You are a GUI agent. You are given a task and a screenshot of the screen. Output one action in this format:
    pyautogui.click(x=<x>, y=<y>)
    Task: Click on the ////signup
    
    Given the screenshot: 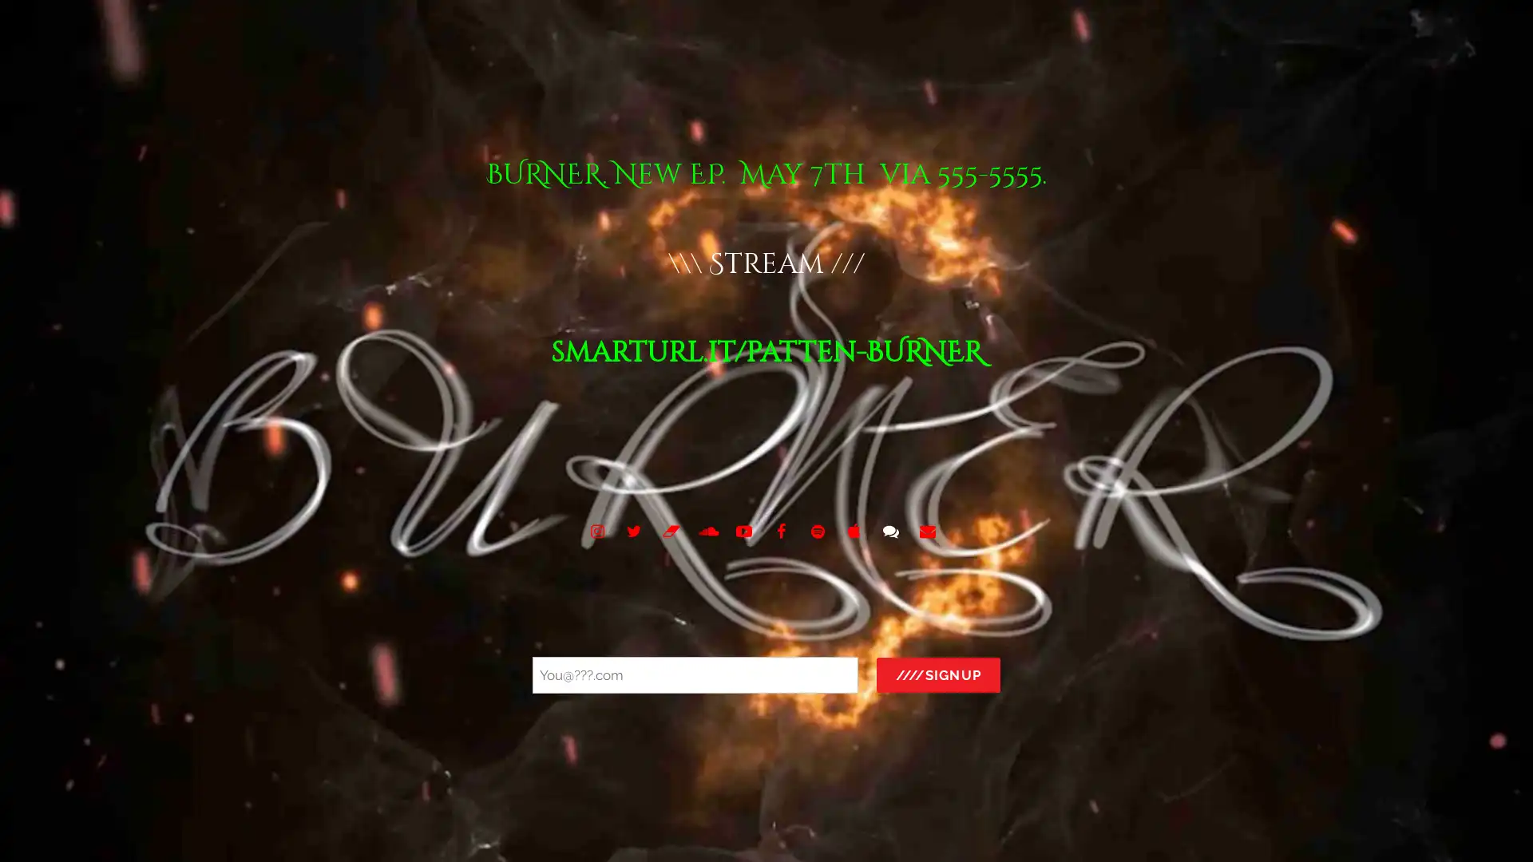 What is the action you would take?
    pyautogui.click(x=938, y=674)
    